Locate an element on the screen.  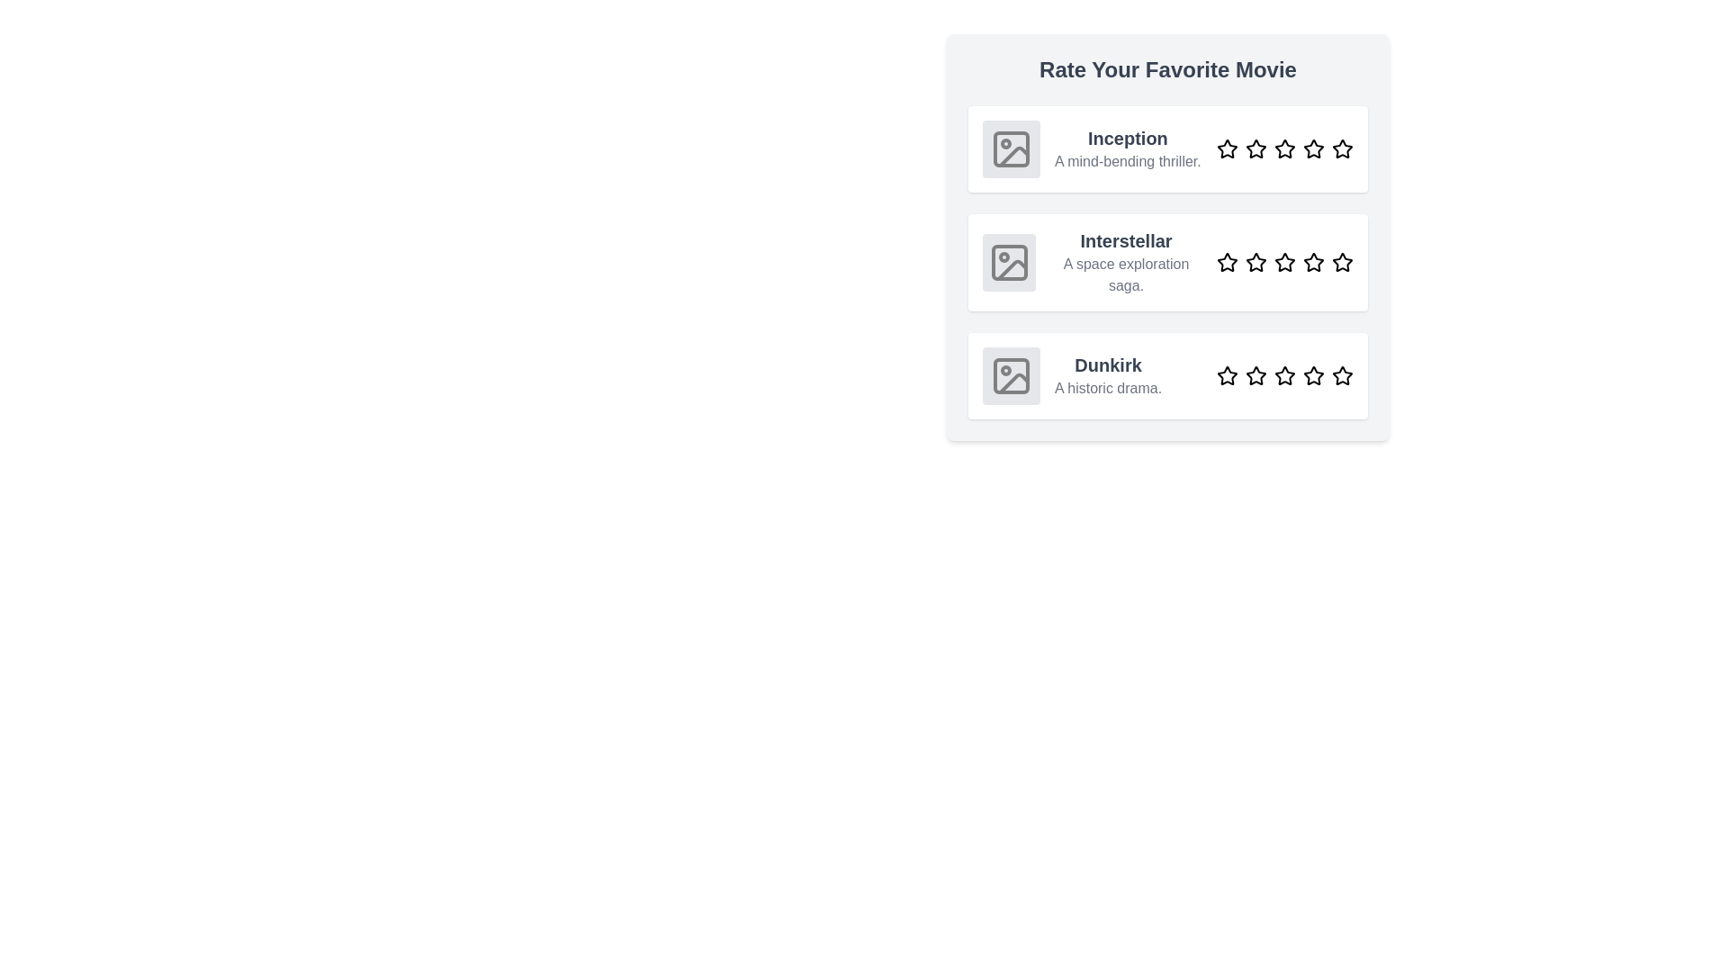
the fifth star icon in the star rating system for the movie 'Dunkirk' is located at coordinates (1342, 373).